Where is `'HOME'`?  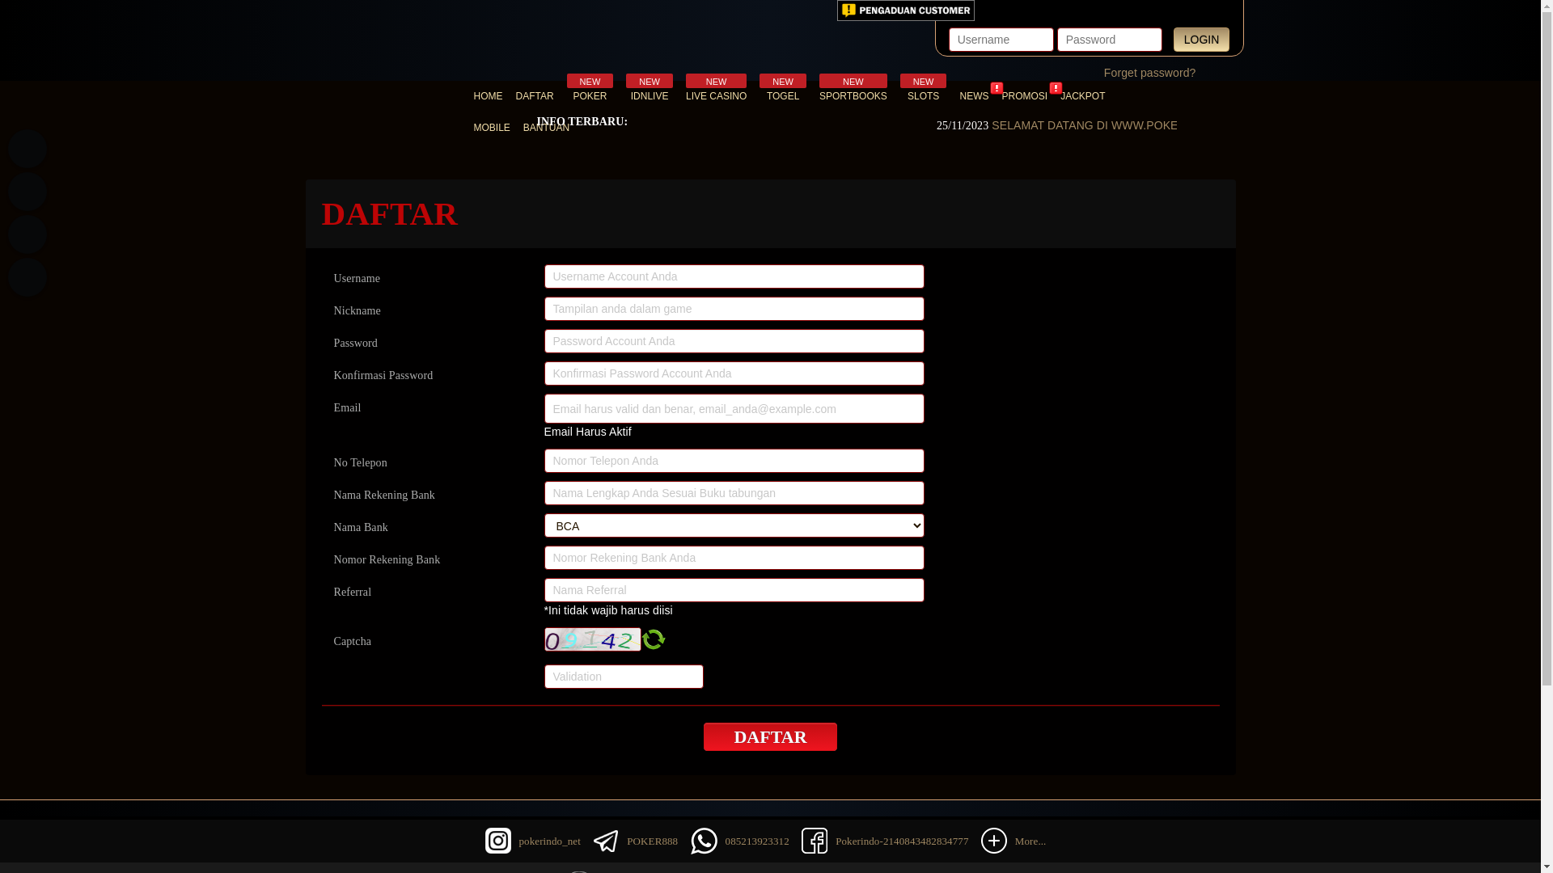 'HOME' is located at coordinates (466, 96).